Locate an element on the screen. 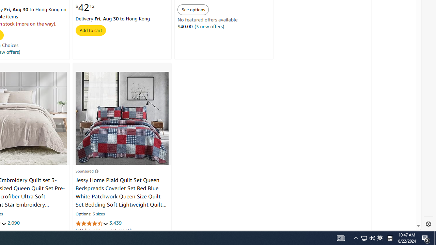 Image resolution: width=436 pixels, height=245 pixels. 'Add to cart' is located at coordinates (90, 30).